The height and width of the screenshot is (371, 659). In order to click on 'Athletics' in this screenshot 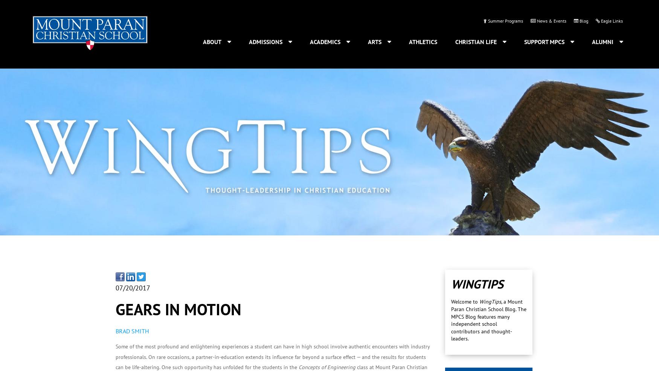, I will do `click(423, 42)`.